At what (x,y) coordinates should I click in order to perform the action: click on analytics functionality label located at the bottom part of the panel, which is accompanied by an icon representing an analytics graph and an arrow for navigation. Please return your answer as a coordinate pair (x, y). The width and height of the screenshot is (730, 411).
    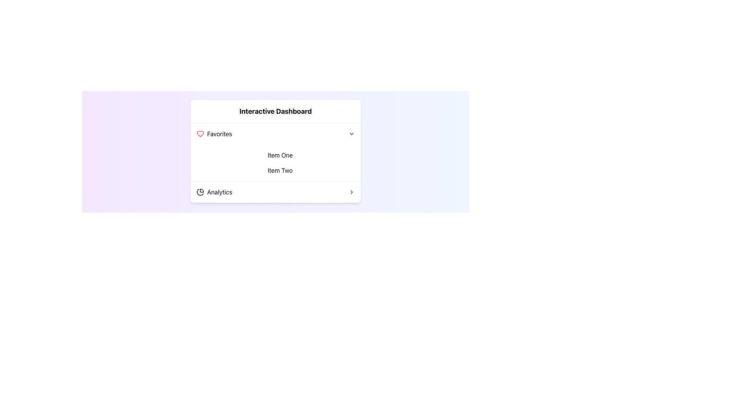
    Looking at the image, I should click on (219, 192).